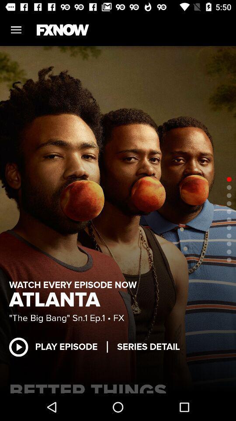 The width and height of the screenshot is (236, 421). Describe the element at coordinates (58, 347) in the screenshot. I see `the play episode icon` at that location.